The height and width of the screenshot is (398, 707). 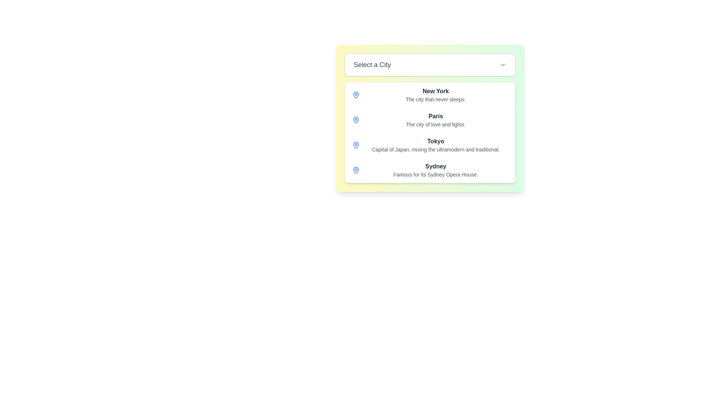 I want to click on the graphical pin icon with blue outlines, which is adjacent to the second item in a vertically arranged list, so click(x=356, y=120).